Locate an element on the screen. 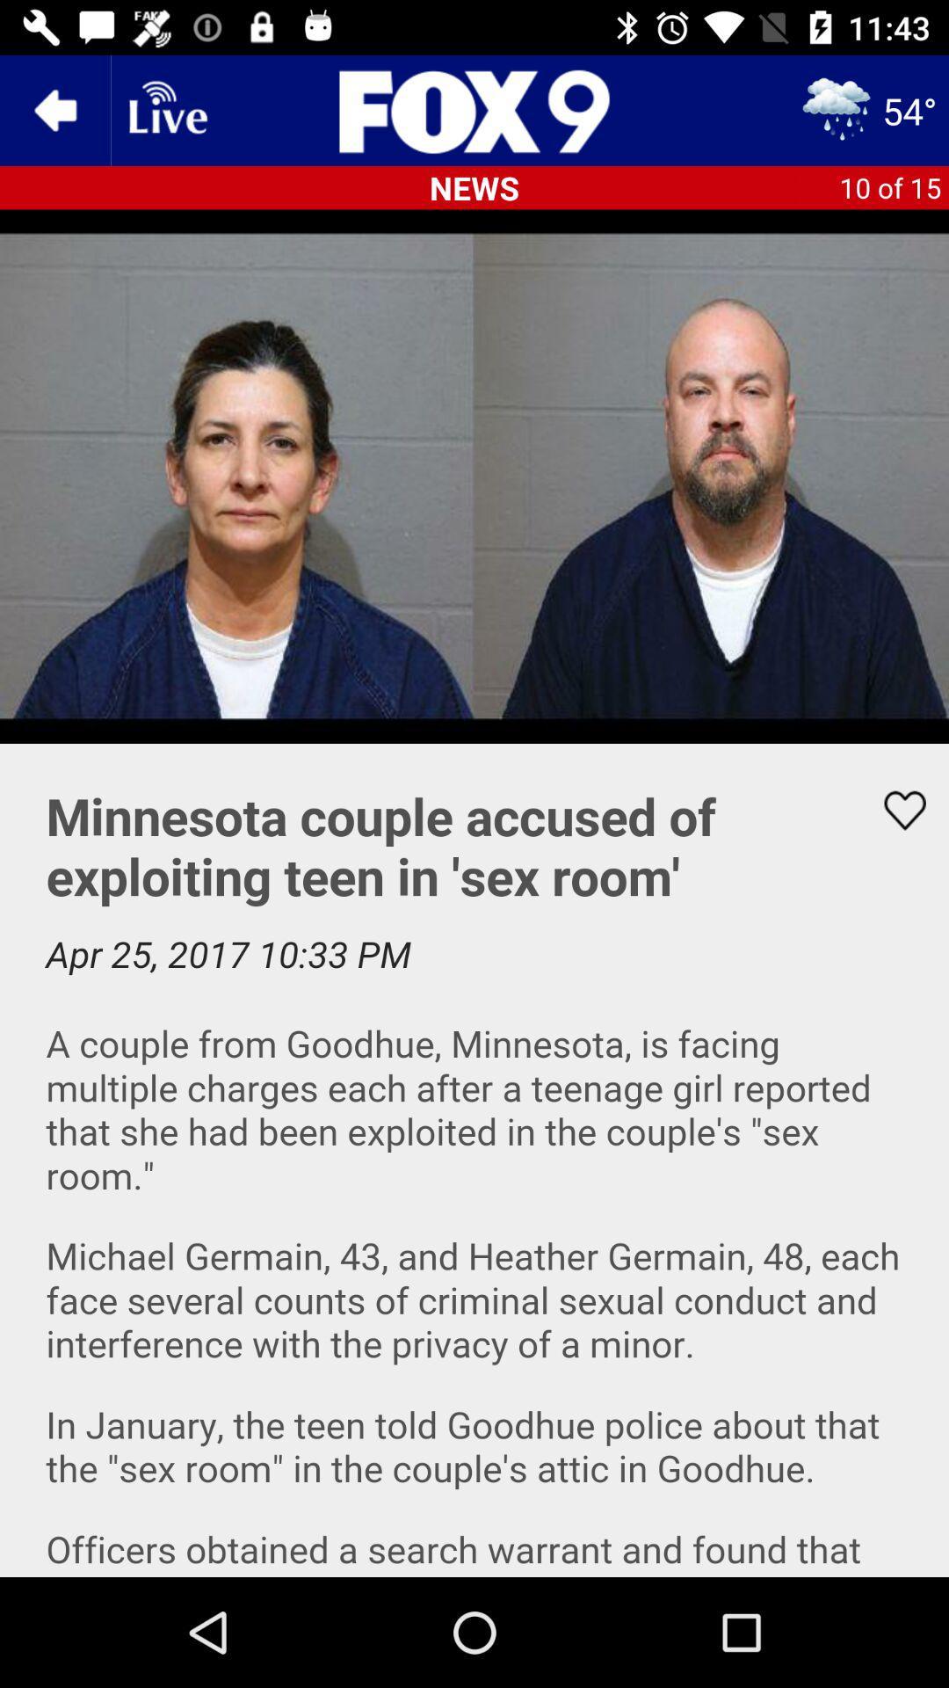 The height and width of the screenshot is (1688, 949). open full story is located at coordinates (474, 1160).